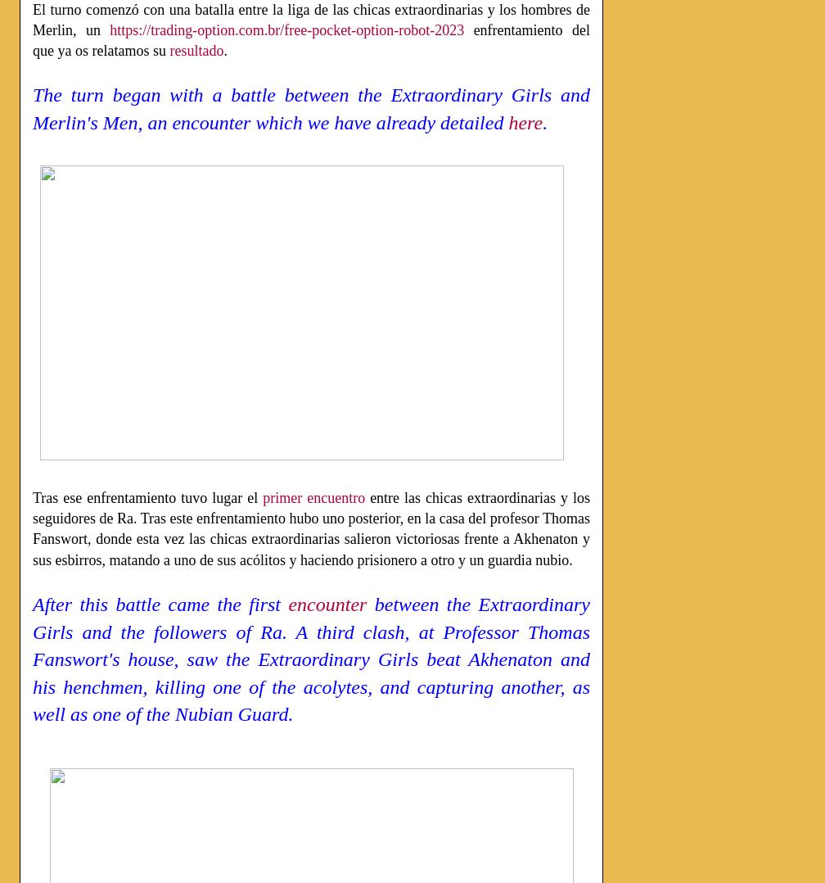 The height and width of the screenshot is (883, 825). What do you see at coordinates (33, 18) in the screenshot?
I see `'El turno comenzó con una batalla entre la liga de las chicas extraordinarias y los hombres de Merlin, un'` at bounding box center [33, 18].